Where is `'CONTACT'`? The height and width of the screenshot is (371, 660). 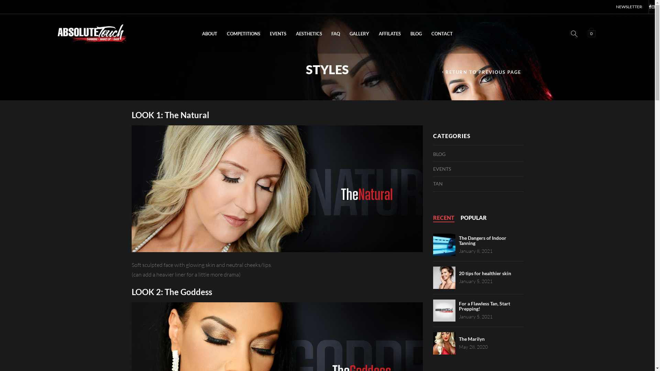 'CONTACT' is located at coordinates (442, 34).